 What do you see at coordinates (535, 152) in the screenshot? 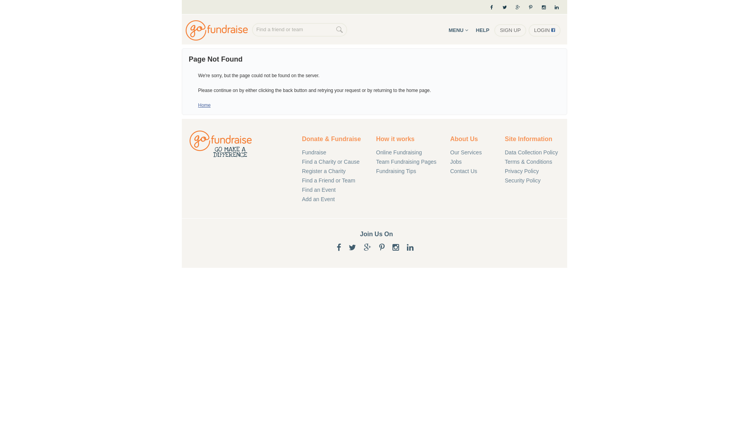
I see `'Data Collection Policy'` at bounding box center [535, 152].